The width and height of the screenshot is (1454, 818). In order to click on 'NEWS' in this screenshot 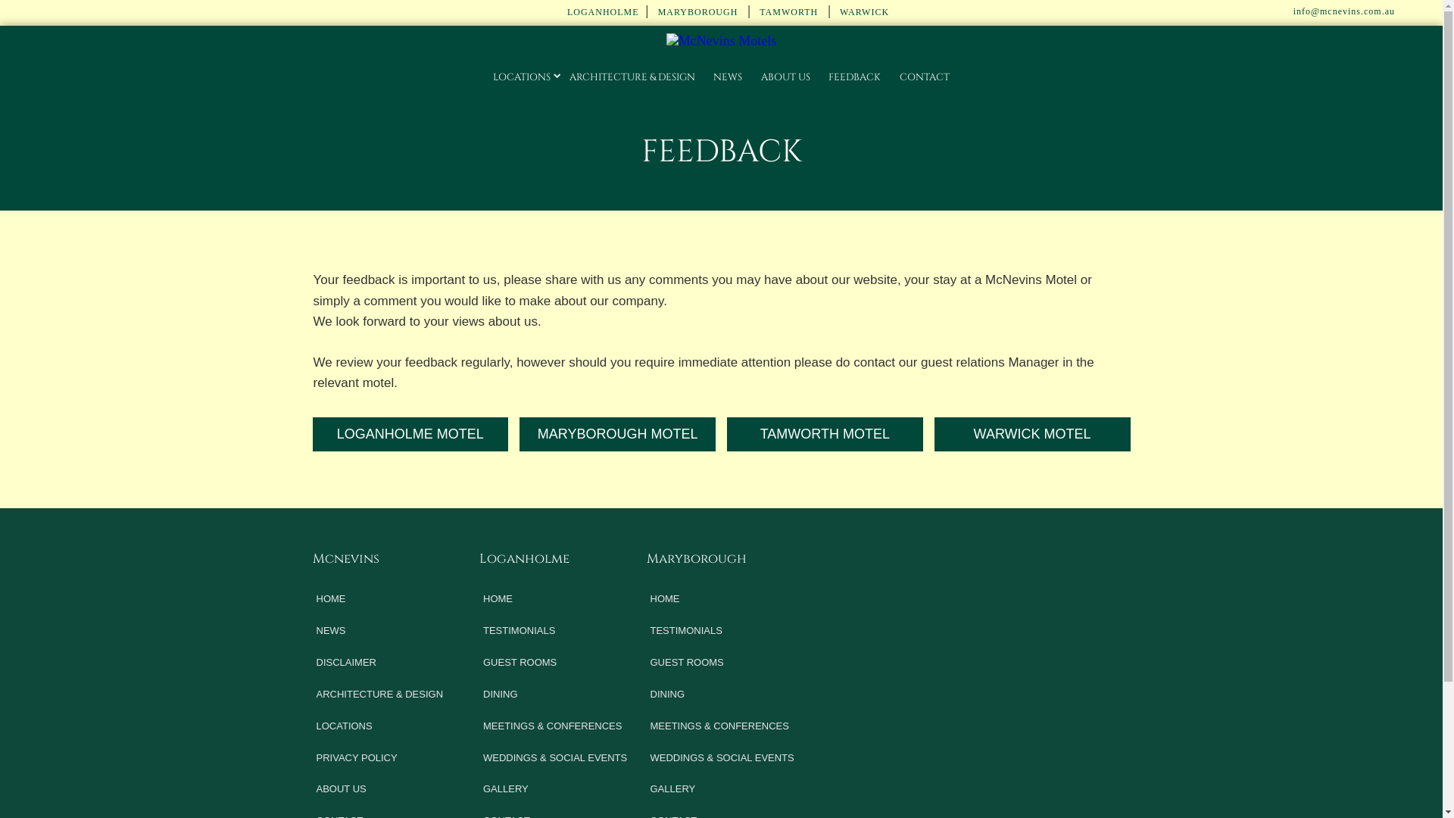, I will do `click(727, 76)`.